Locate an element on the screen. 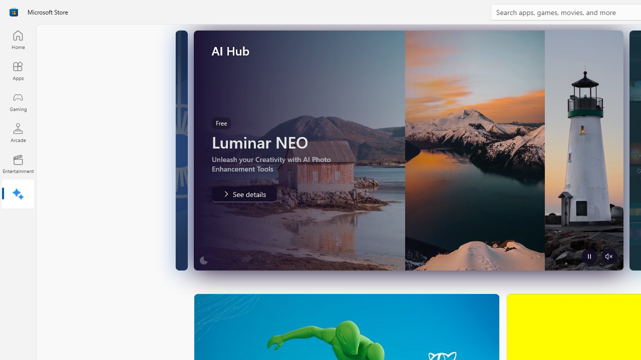  'Pause Trailer' is located at coordinates (588, 256).